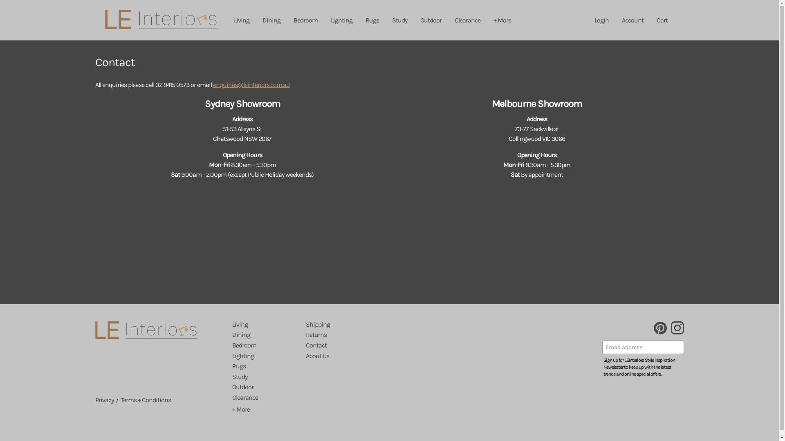 The width and height of the screenshot is (785, 441). What do you see at coordinates (601, 20) in the screenshot?
I see `'Login'` at bounding box center [601, 20].